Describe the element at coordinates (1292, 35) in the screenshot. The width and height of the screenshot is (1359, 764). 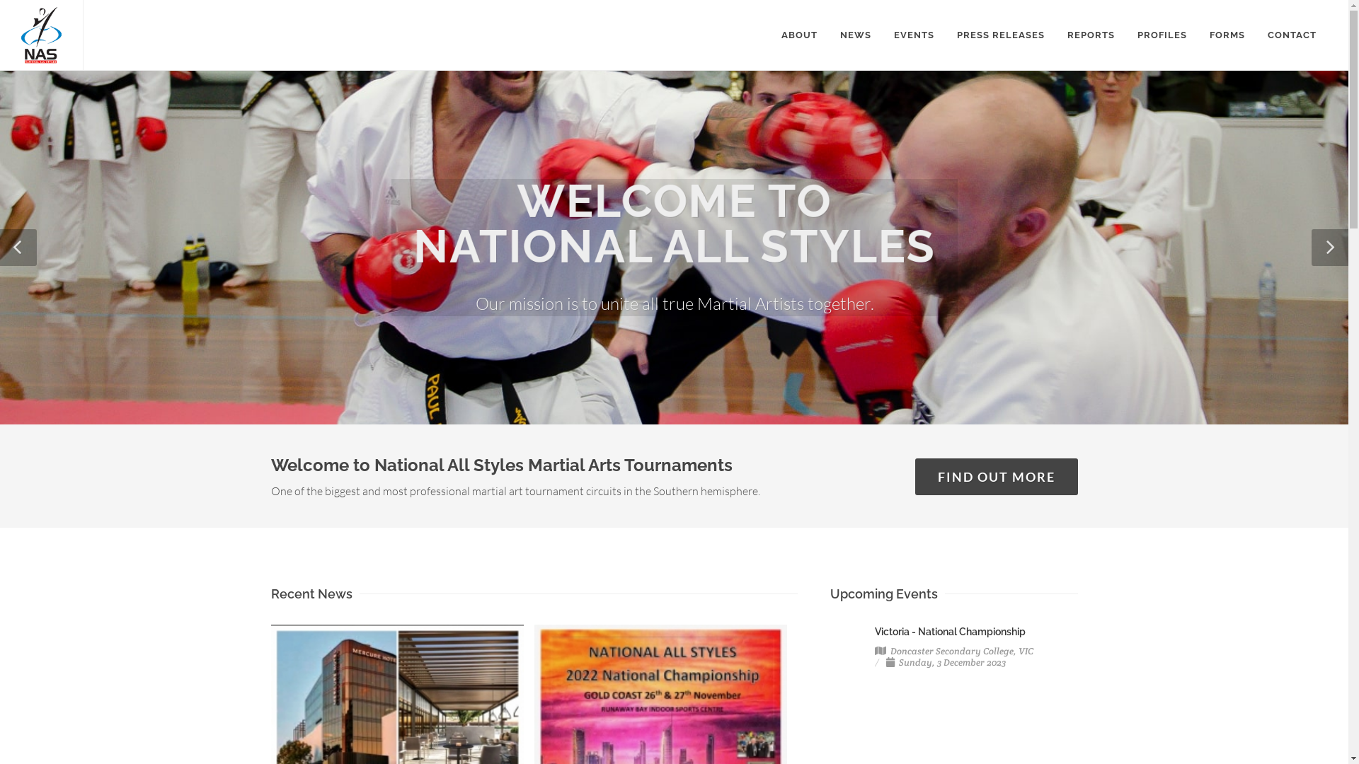
I see `'CONTACT'` at that location.